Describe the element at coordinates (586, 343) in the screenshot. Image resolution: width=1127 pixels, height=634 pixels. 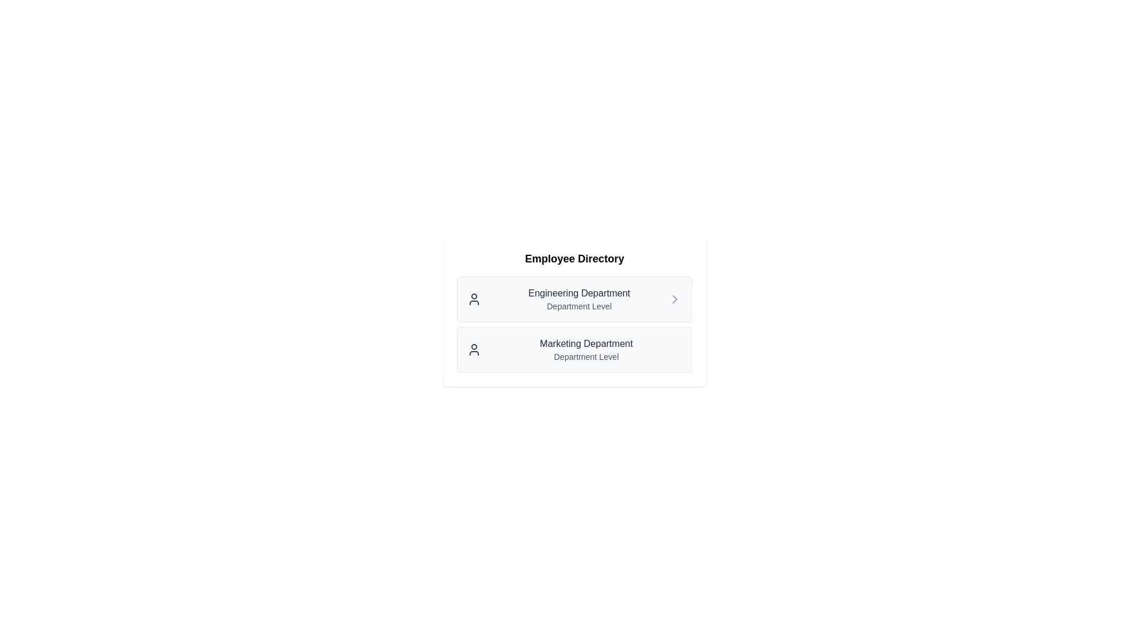
I see `the 'Marketing Department' text label located in the second entry of the organizational directory, which is positioned above the 'Department Level' text` at that location.